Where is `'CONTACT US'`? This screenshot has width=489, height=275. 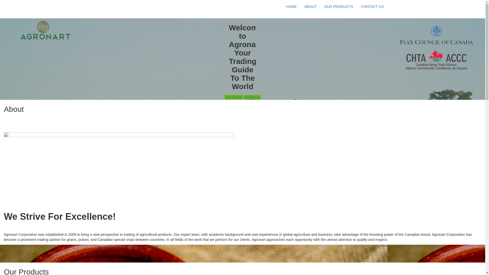 'CONTACT US' is located at coordinates (372, 7).